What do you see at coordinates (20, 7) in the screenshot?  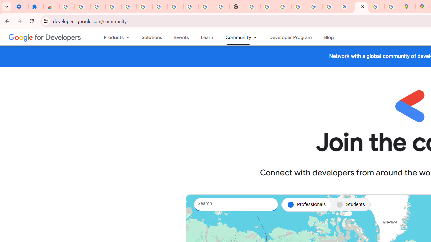 I see `'Settings - On startup'` at bounding box center [20, 7].